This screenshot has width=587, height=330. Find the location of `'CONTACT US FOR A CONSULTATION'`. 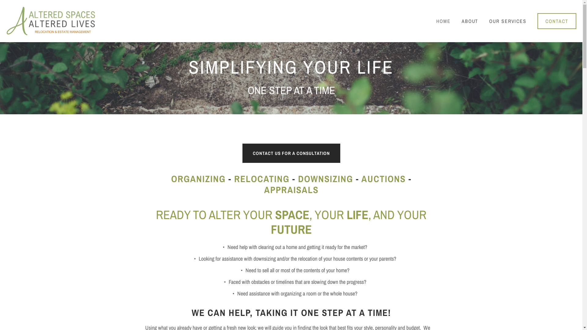

'CONTACT US FOR A CONSULTATION' is located at coordinates (290, 153).